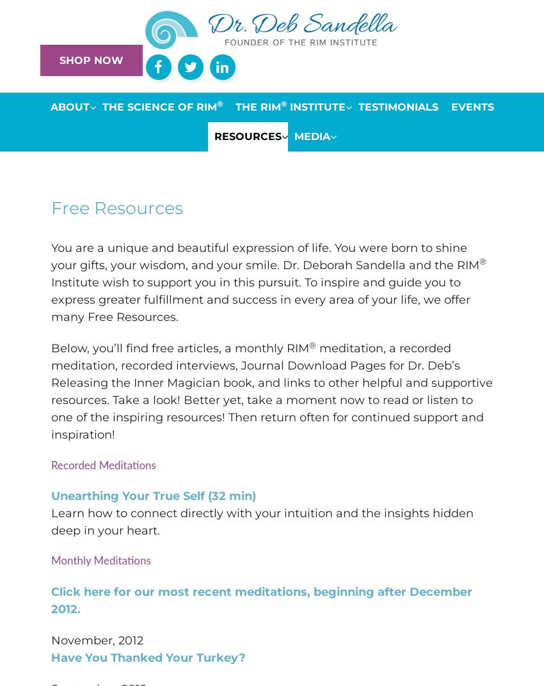 Image resolution: width=544 pixels, height=686 pixels. Describe the element at coordinates (103, 464) in the screenshot. I see `'Recorded Meditations'` at that location.